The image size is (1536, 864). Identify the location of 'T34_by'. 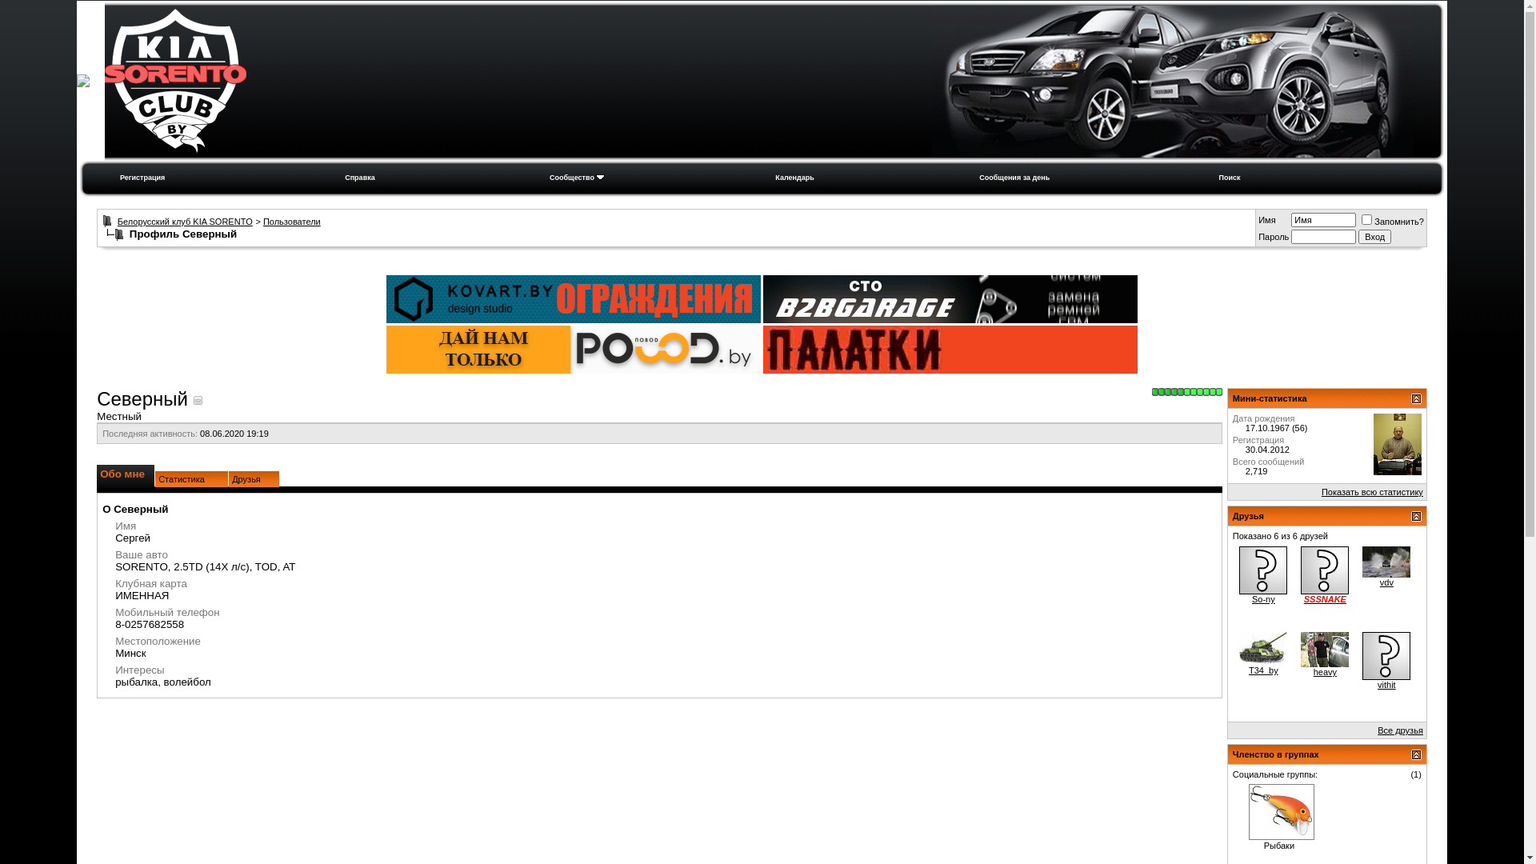
(1262, 648).